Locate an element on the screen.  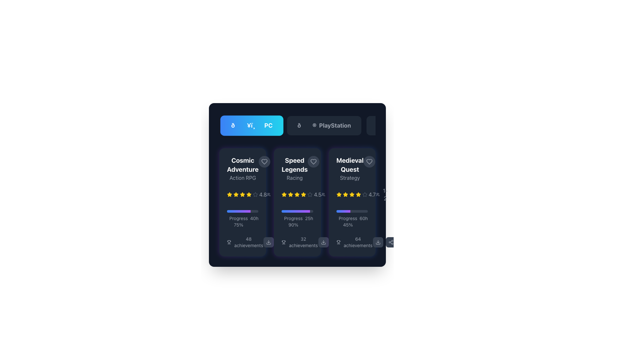
text label at the top-center of the second card which identifies the game and its genre is located at coordinates (294, 169).